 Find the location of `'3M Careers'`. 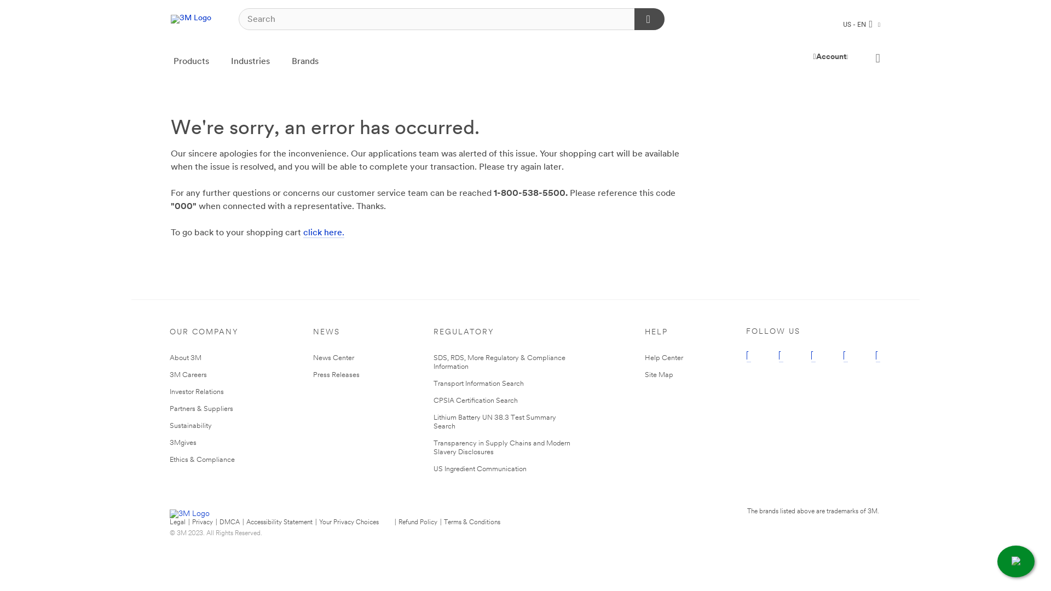

'3M Careers' is located at coordinates (188, 374).